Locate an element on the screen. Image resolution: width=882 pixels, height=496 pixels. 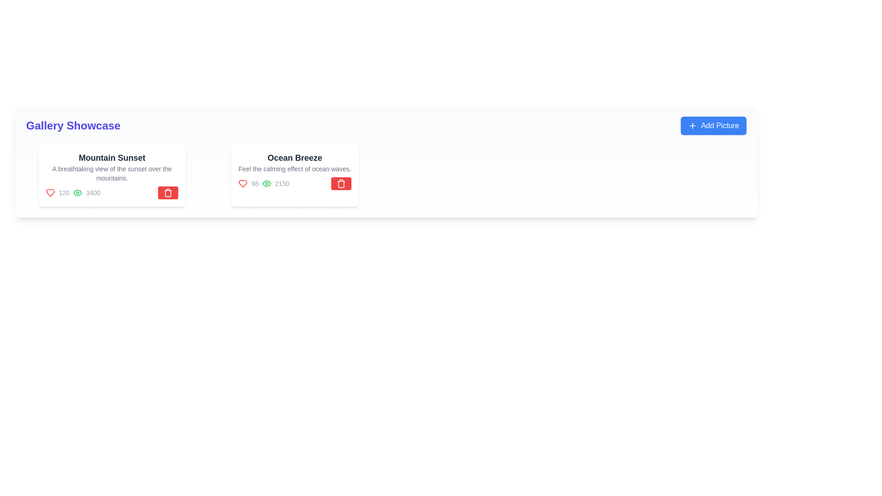
the rounded rectangular button with a blue background and white text that reads 'Add Picture' to invoke its action is located at coordinates (713, 125).